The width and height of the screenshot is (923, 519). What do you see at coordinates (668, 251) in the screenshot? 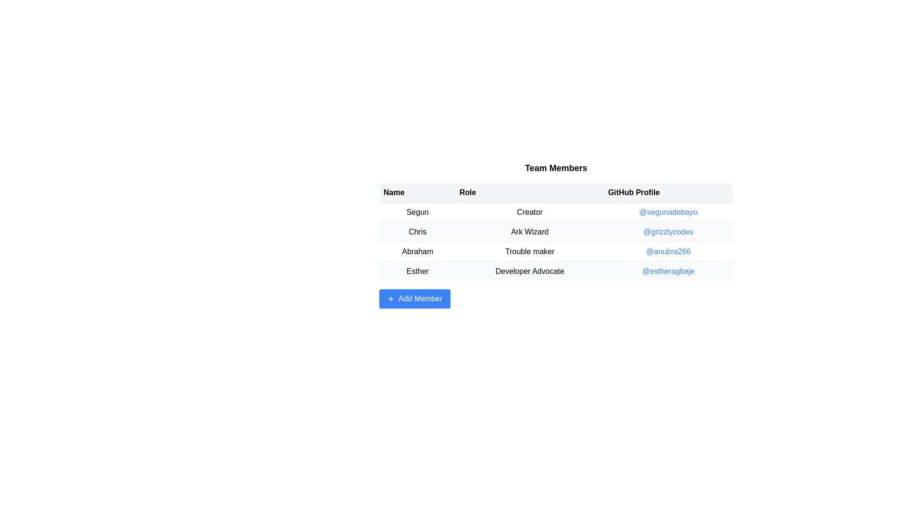
I see `the text link displaying '@anubra266' in the 'GitHub Profile' column of the table` at bounding box center [668, 251].